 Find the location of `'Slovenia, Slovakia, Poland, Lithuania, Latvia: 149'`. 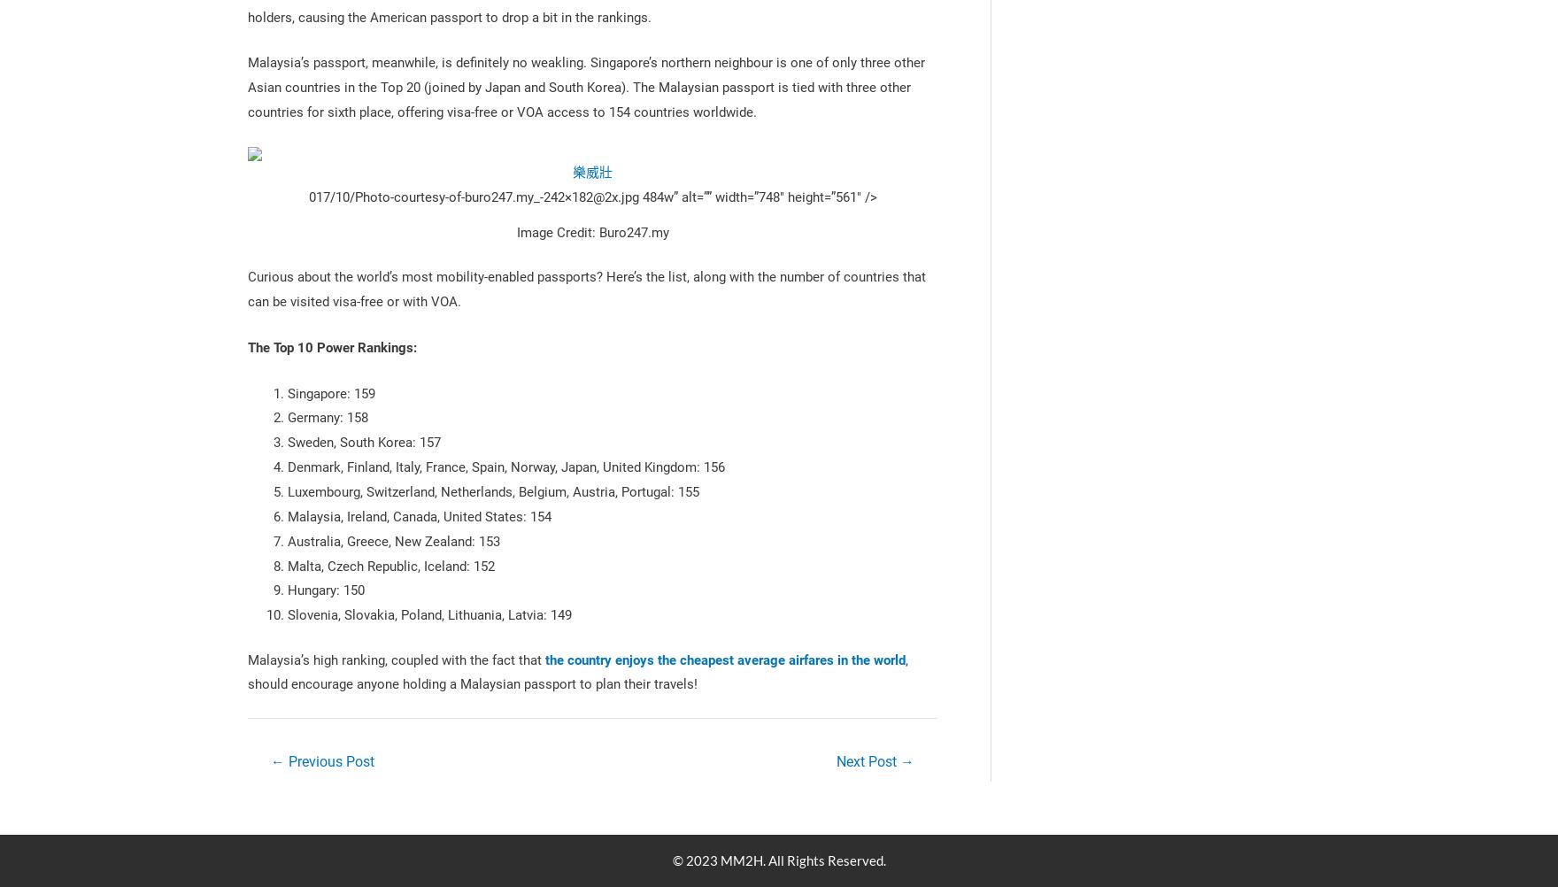

'Slovenia, Slovakia, Poland, Lithuania, Latvia: 149' is located at coordinates (429, 614).